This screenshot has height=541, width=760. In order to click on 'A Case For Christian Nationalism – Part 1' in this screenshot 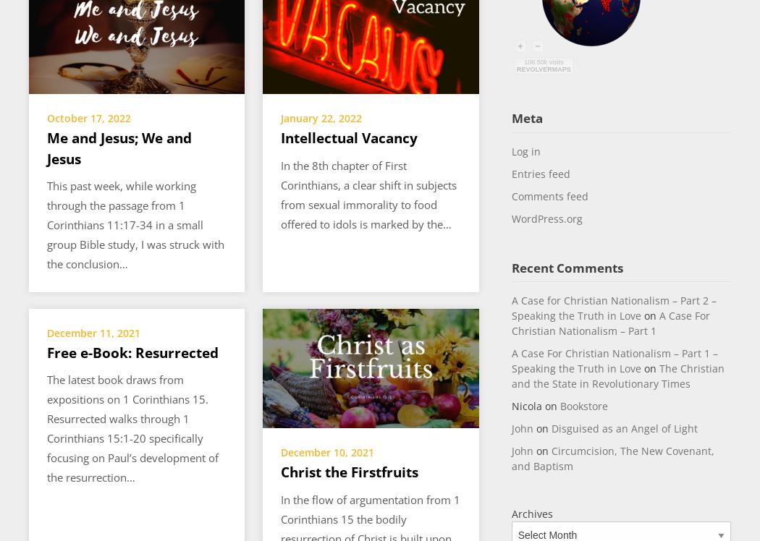, I will do `click(610, 323)`.